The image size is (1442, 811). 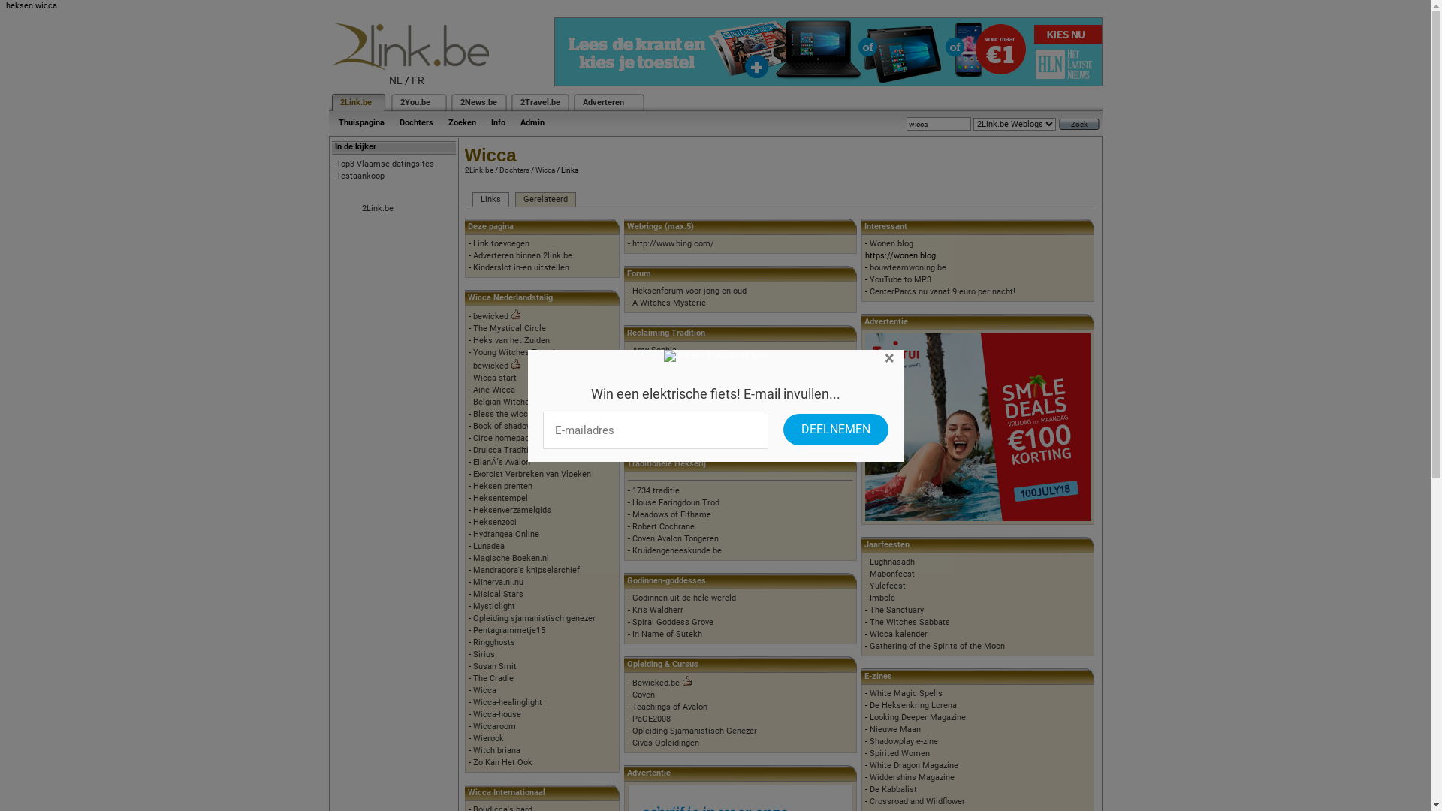 I want to click on 'Belgian Witches 2', so click(x=507, y=401).